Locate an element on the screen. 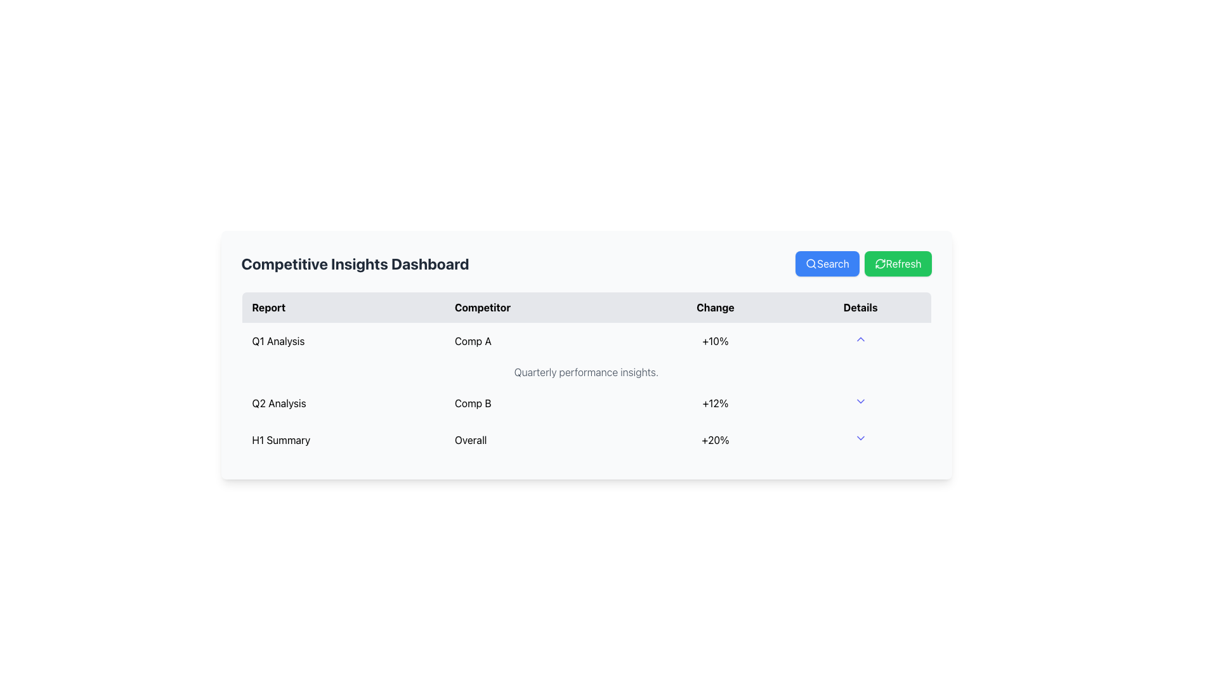 This screenshot has width=1218, height=685. the blue rectangular button with rounded corners and white text labeled 'Search', which is located directly to the left of the green 'Refresh' button is located at coordinates (827, 263).